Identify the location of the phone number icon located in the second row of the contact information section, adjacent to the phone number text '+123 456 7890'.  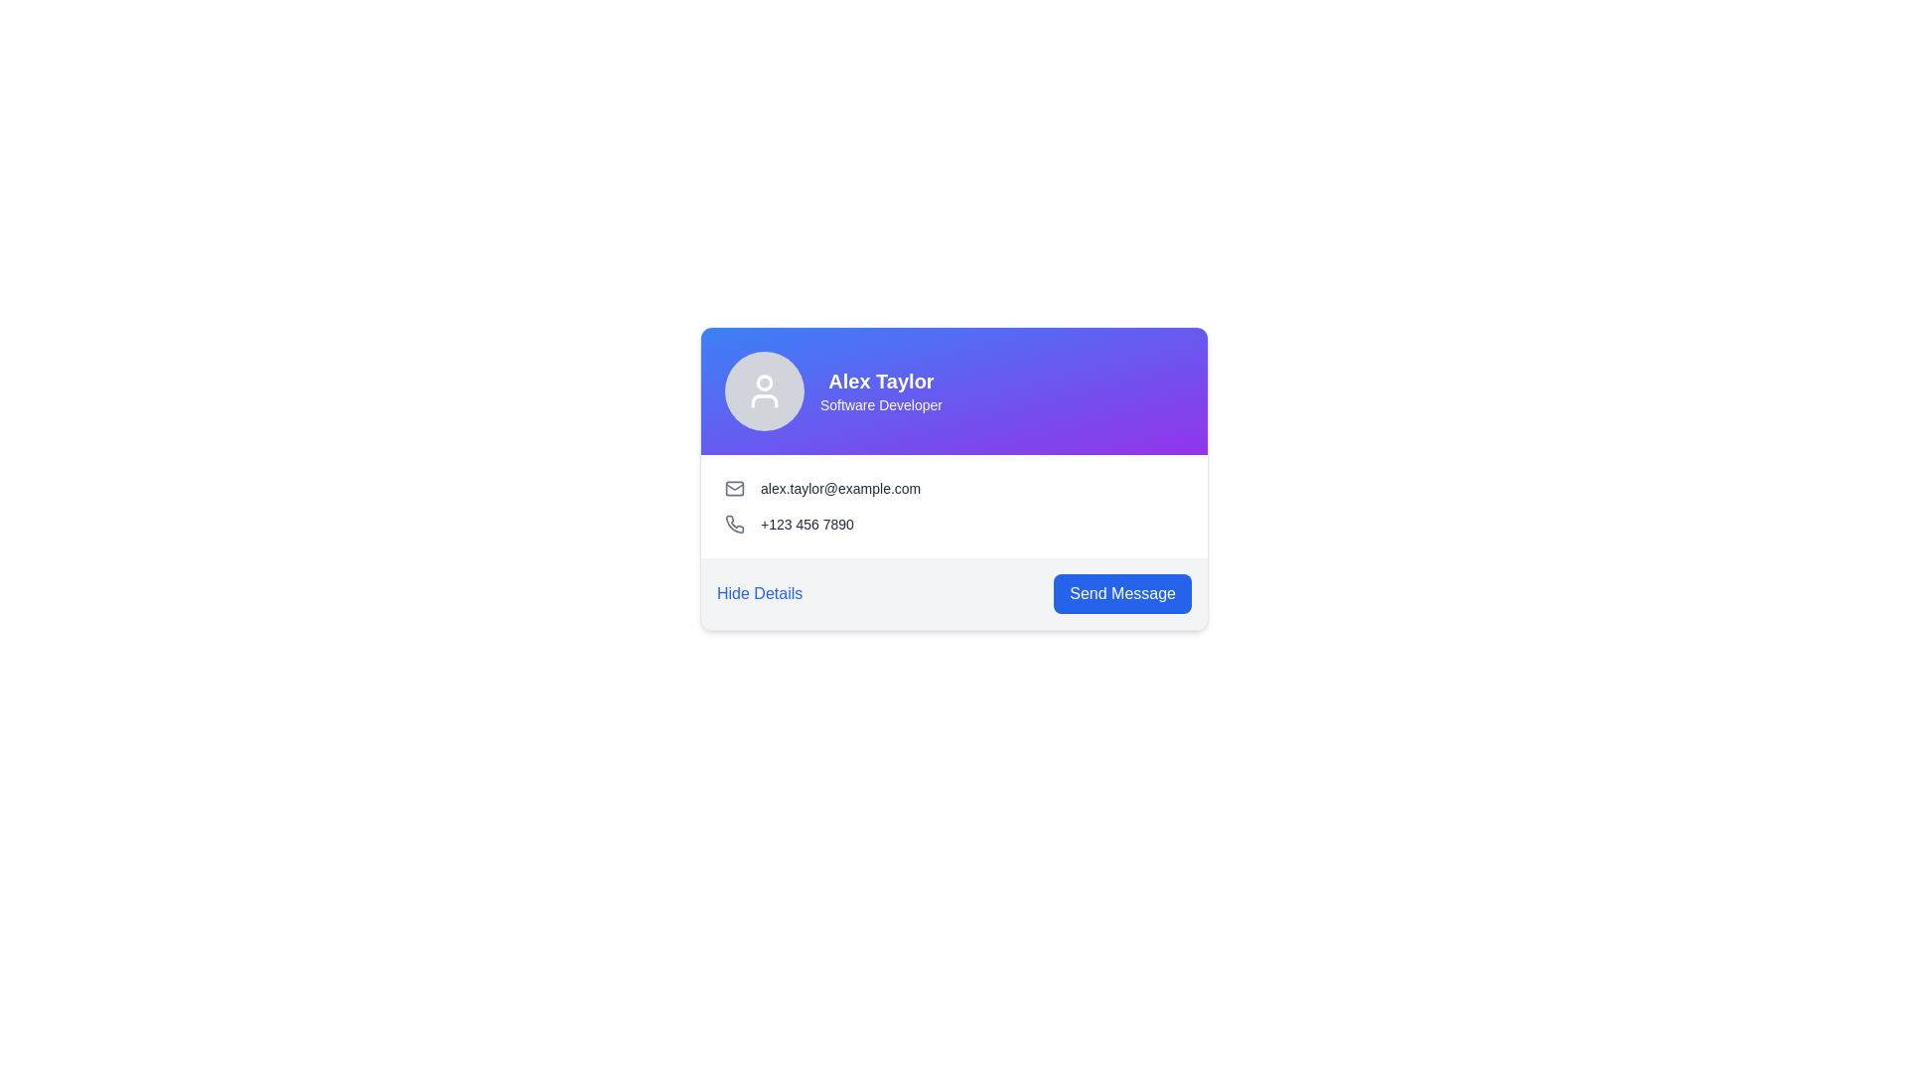
(733, 524).